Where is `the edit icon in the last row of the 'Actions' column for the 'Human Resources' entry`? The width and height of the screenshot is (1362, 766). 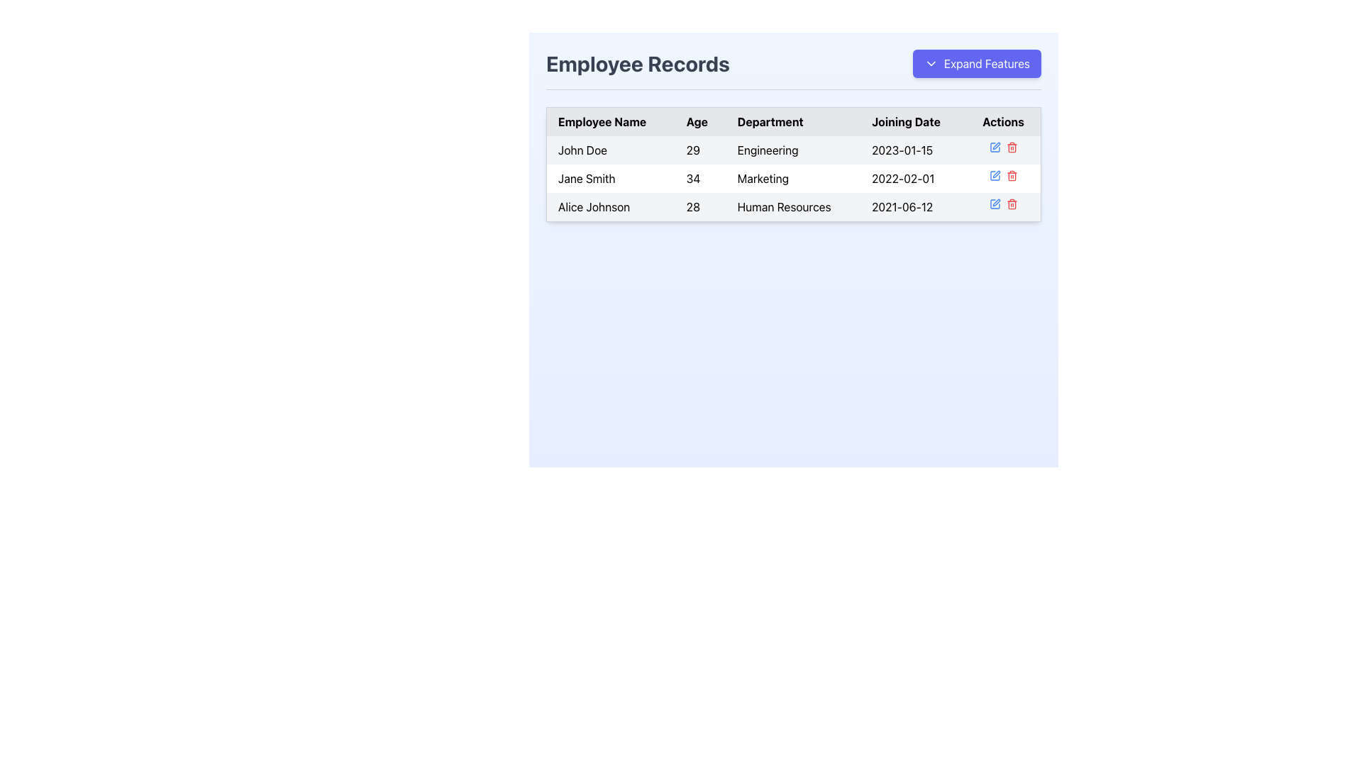 the edit icon in the last row of the 'Actions' column for the 'Human Resources' entry is located at coordinates (994, 204).